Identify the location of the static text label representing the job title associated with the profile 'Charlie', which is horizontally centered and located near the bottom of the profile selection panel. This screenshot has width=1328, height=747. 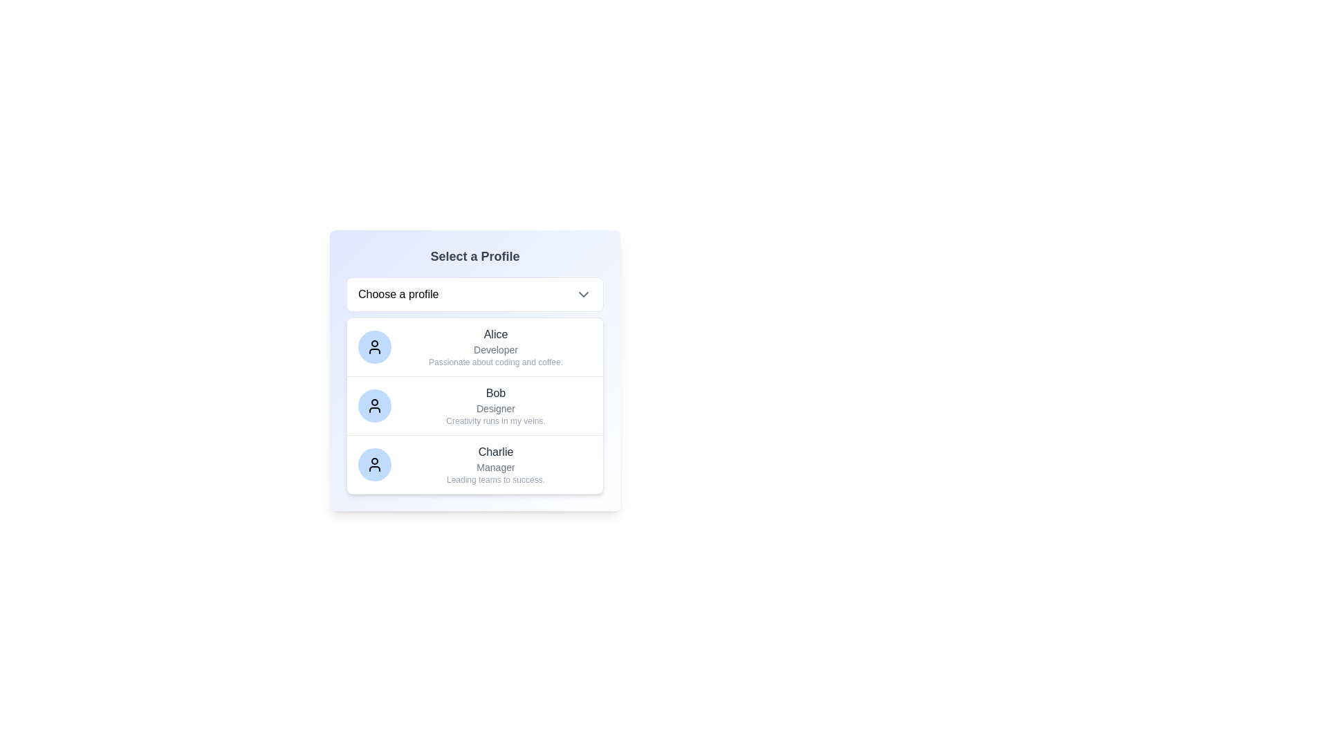
(495, 467).